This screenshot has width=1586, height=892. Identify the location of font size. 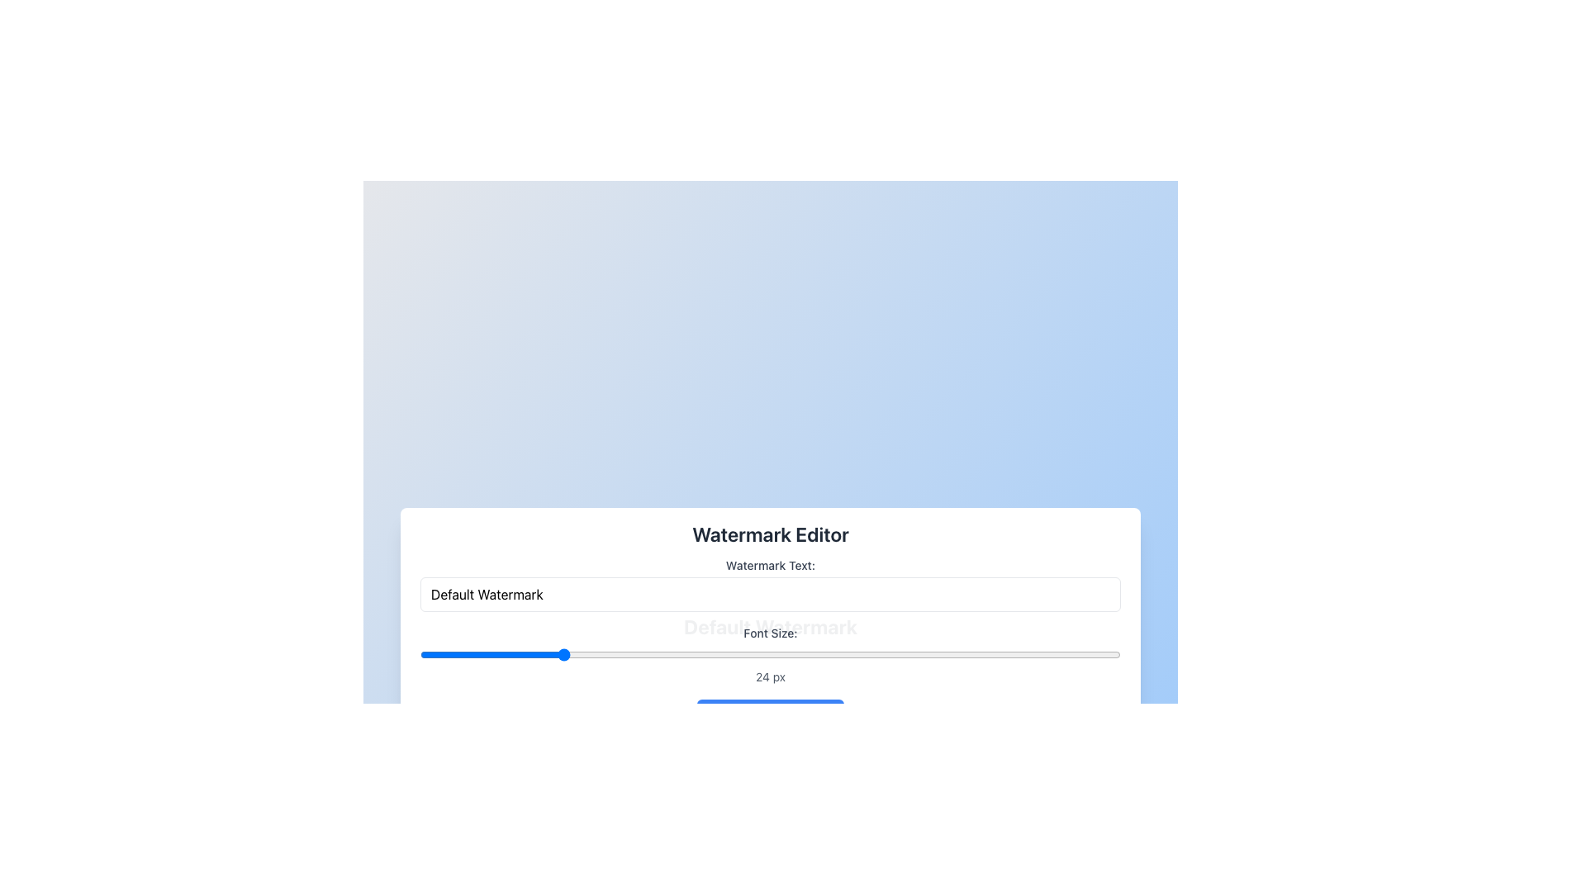
(940, 654).